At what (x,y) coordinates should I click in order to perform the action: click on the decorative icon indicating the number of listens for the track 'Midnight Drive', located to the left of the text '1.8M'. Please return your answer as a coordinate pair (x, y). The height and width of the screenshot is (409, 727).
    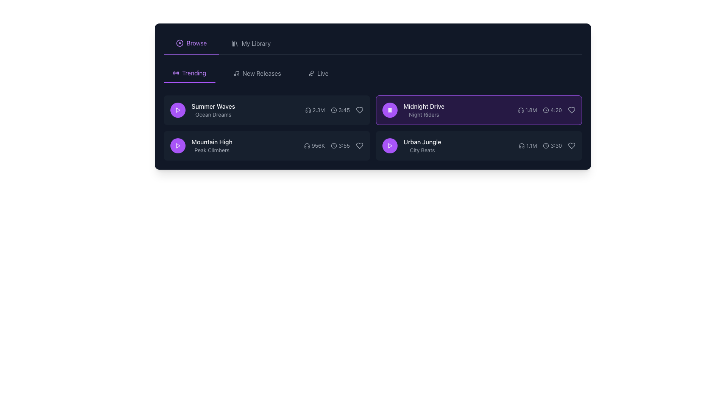
    Looking at the image, I should click on (520, 110).